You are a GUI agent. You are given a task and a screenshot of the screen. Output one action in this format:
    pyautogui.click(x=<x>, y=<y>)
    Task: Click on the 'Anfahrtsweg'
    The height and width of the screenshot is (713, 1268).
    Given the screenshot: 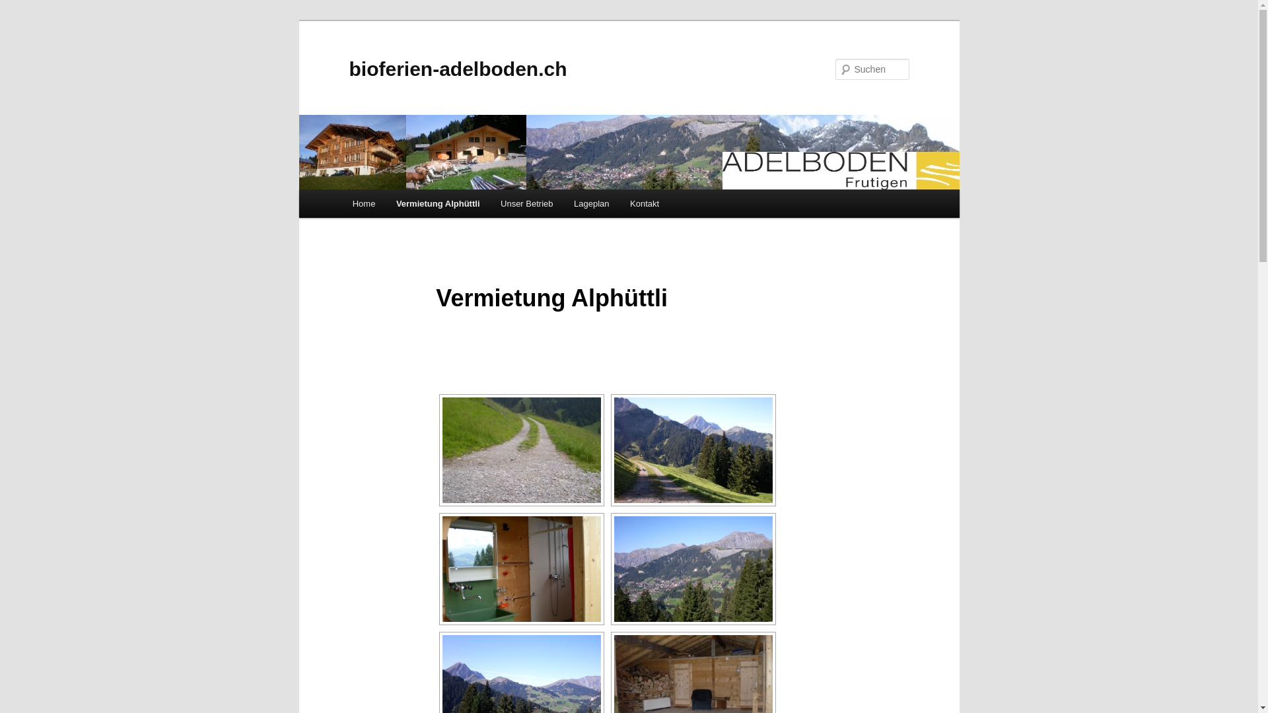 What is the action you would take?
    pyautogui.click(x=521, y=450)
    